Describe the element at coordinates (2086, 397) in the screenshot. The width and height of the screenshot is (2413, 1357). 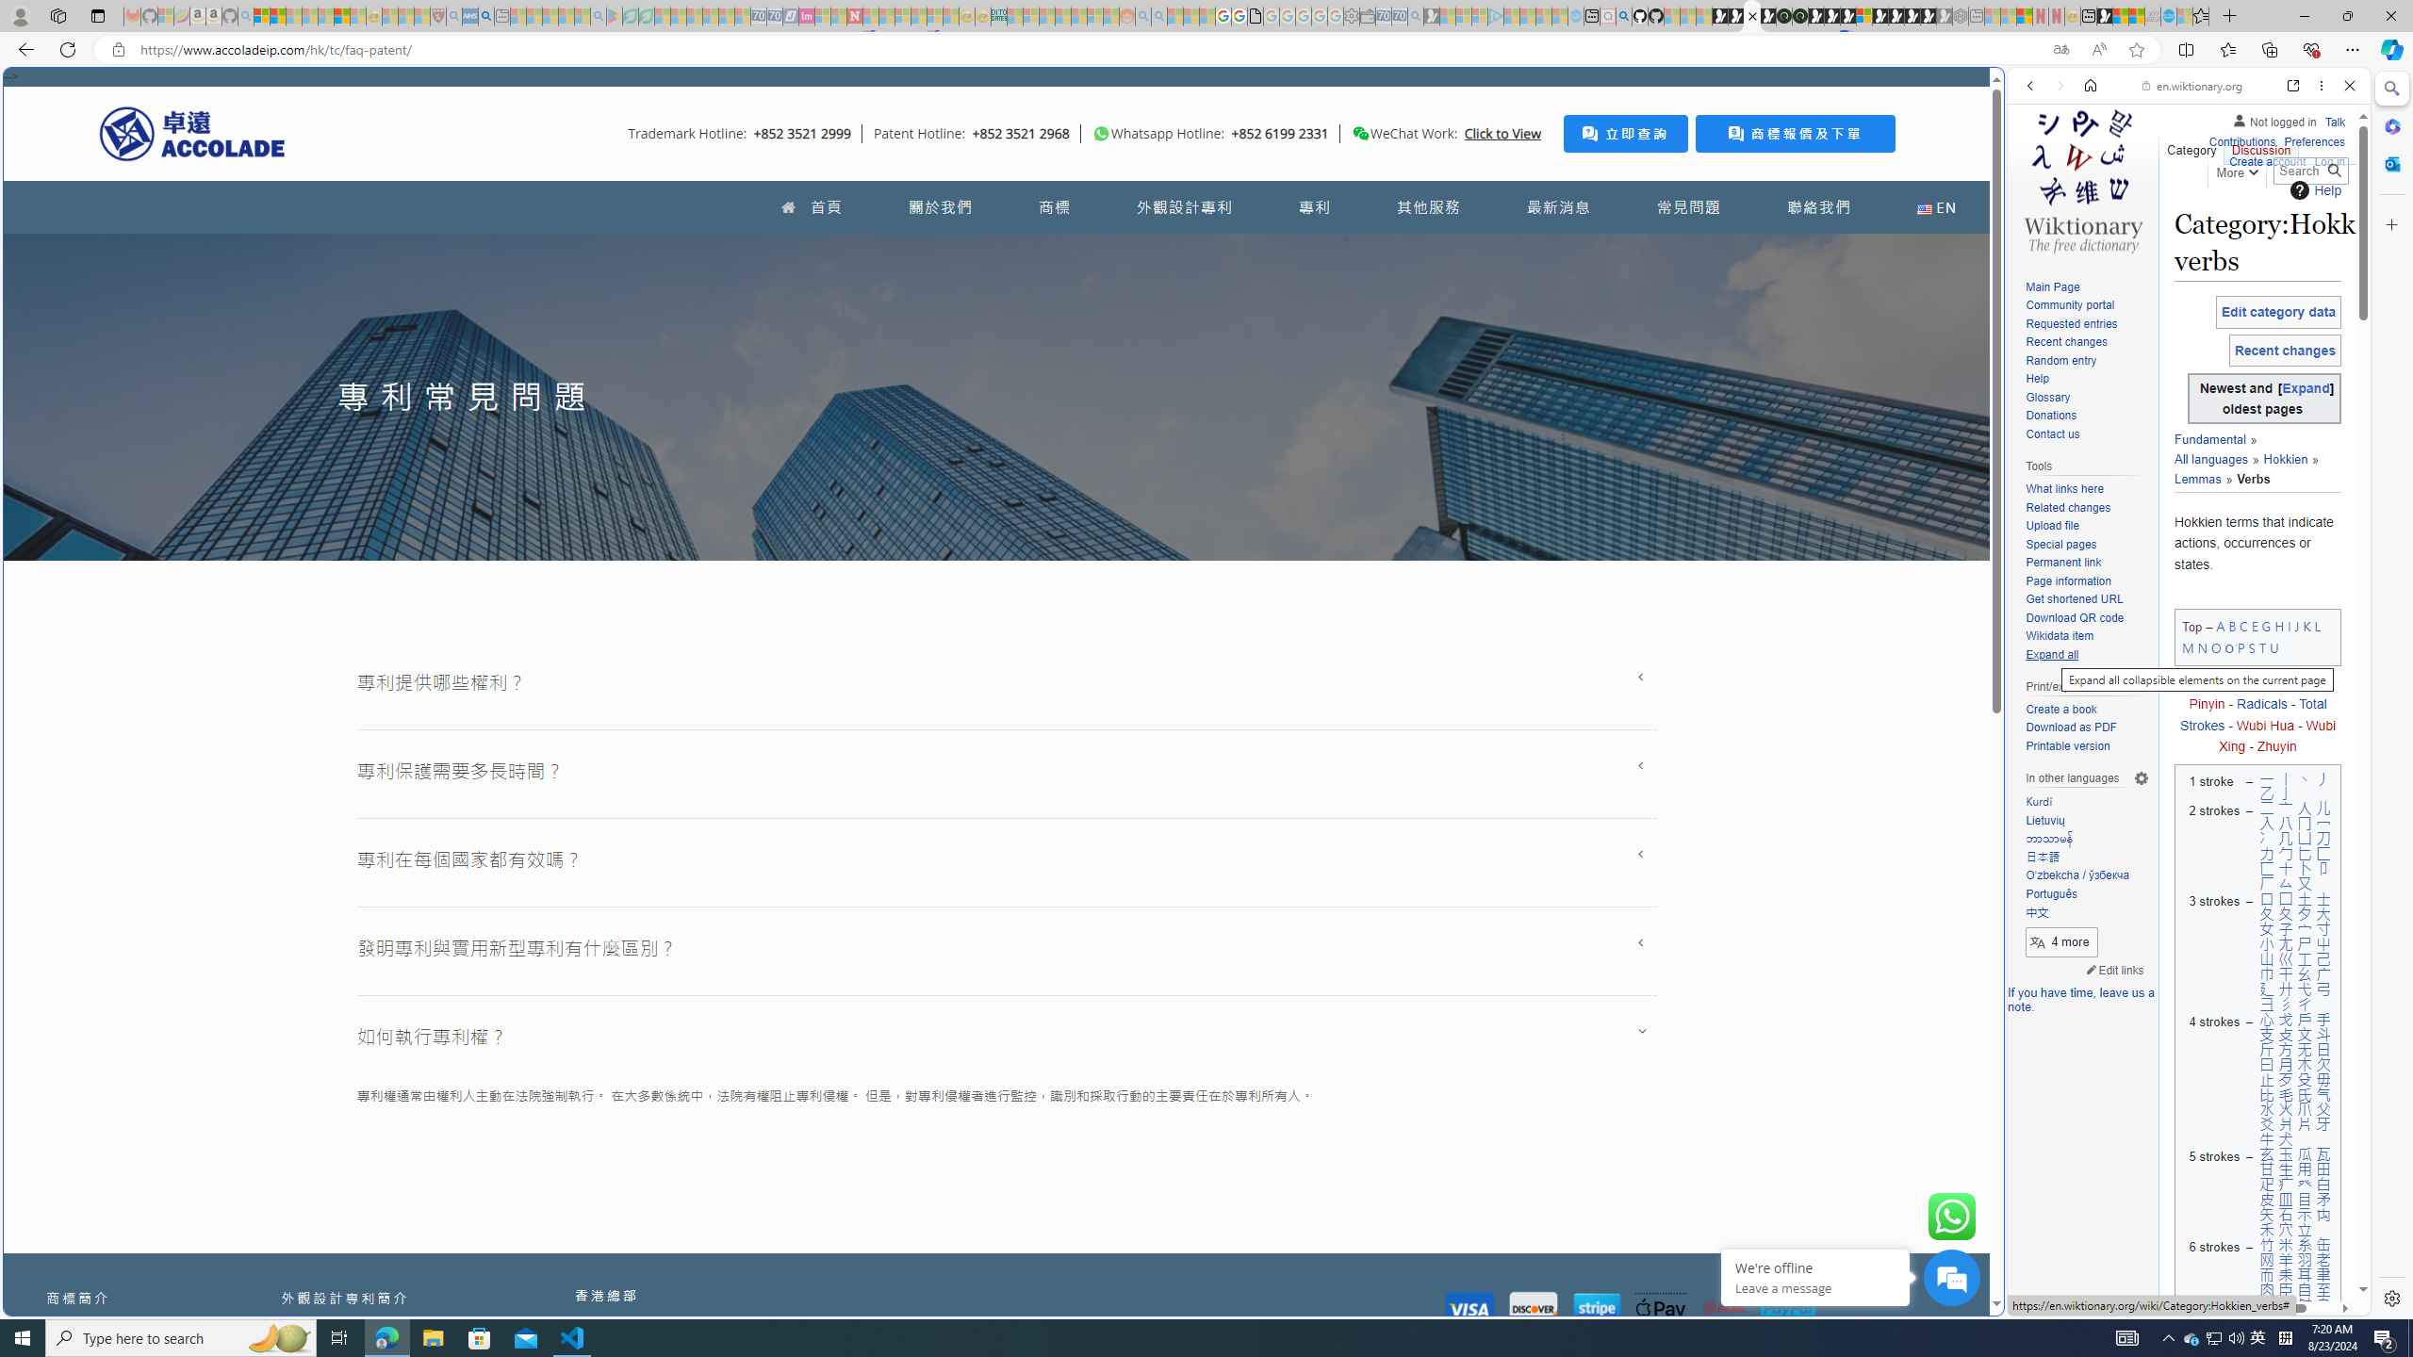
I see `'Glossary'` at that location.